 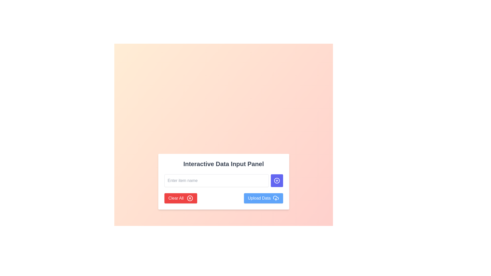 What do you see at coordinates (189, 198) in the screenshot?
I see `the circular icon with a cross inside located on the right side of the red button labeled 'Clear All'` at bounding box center [189, 198].